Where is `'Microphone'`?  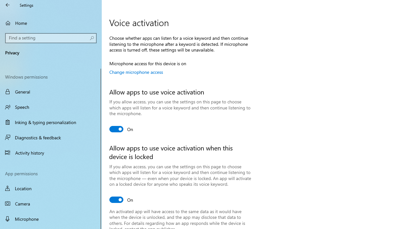
'Microphone' is located at coordinates (51, 218).